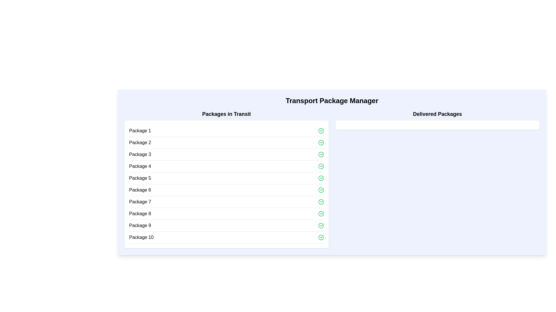 The image size is (556, 312). Describe the element at coordinates (321, 131) in the screenshot. I see `decorative checkmark icon element that indicates the successful status of 'Package 2' within the 'Packages in Transit' section` at that location.